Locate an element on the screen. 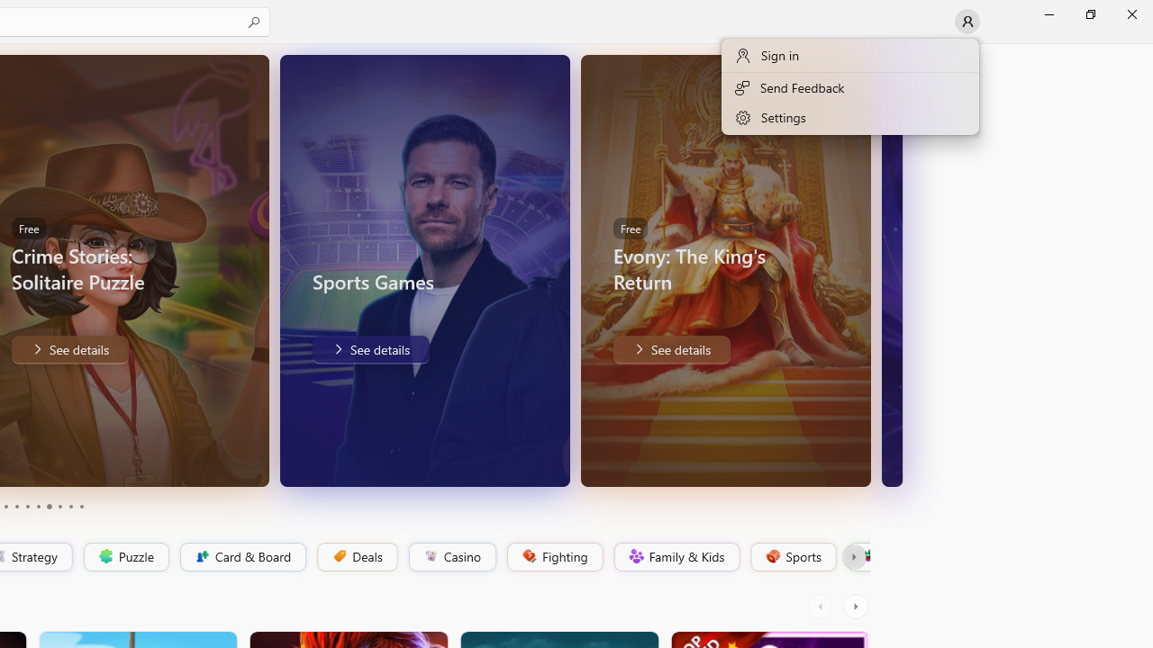 The height and width of the screenshot is (648, 1153). 'Fighting' is located at coordinates (553, 556).